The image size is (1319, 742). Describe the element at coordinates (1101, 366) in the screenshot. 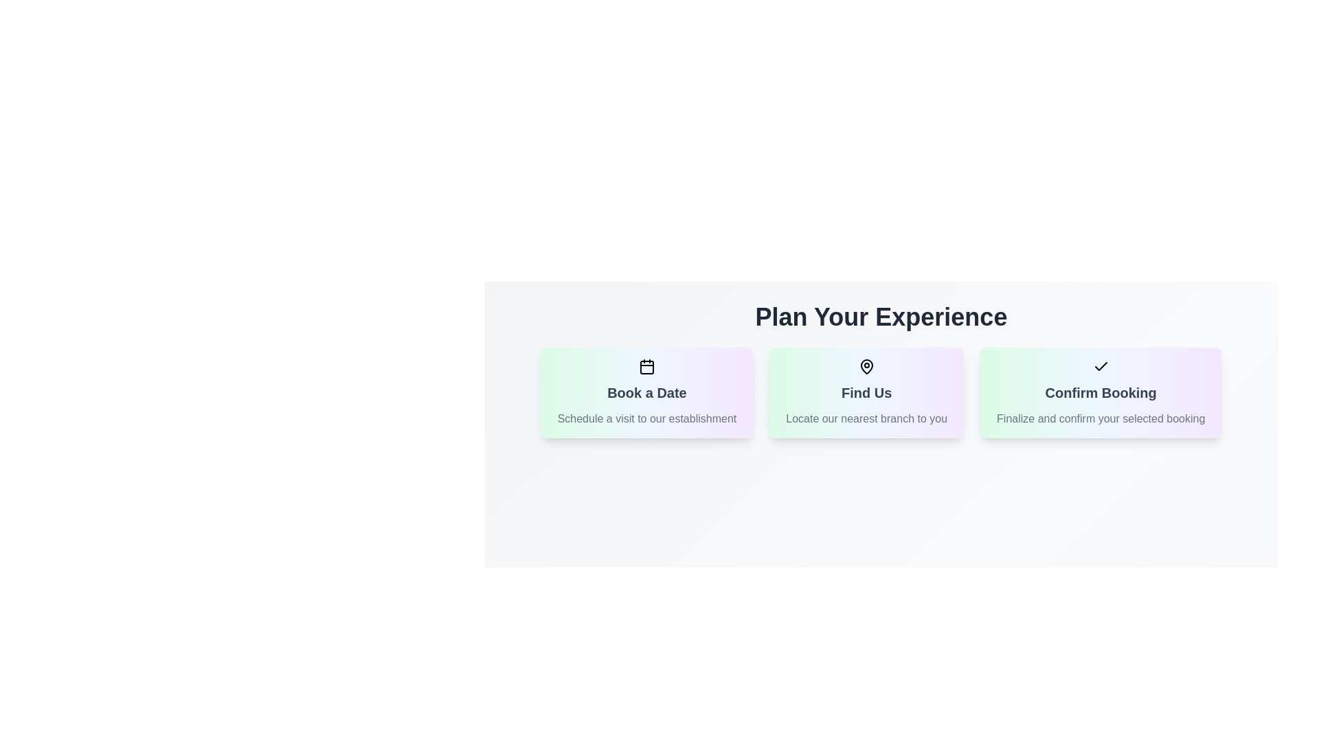

I see `the checkmark icon located above the 'Confirm Booking' text, which is part of the section titled 'Confirm Booking'` at that location.